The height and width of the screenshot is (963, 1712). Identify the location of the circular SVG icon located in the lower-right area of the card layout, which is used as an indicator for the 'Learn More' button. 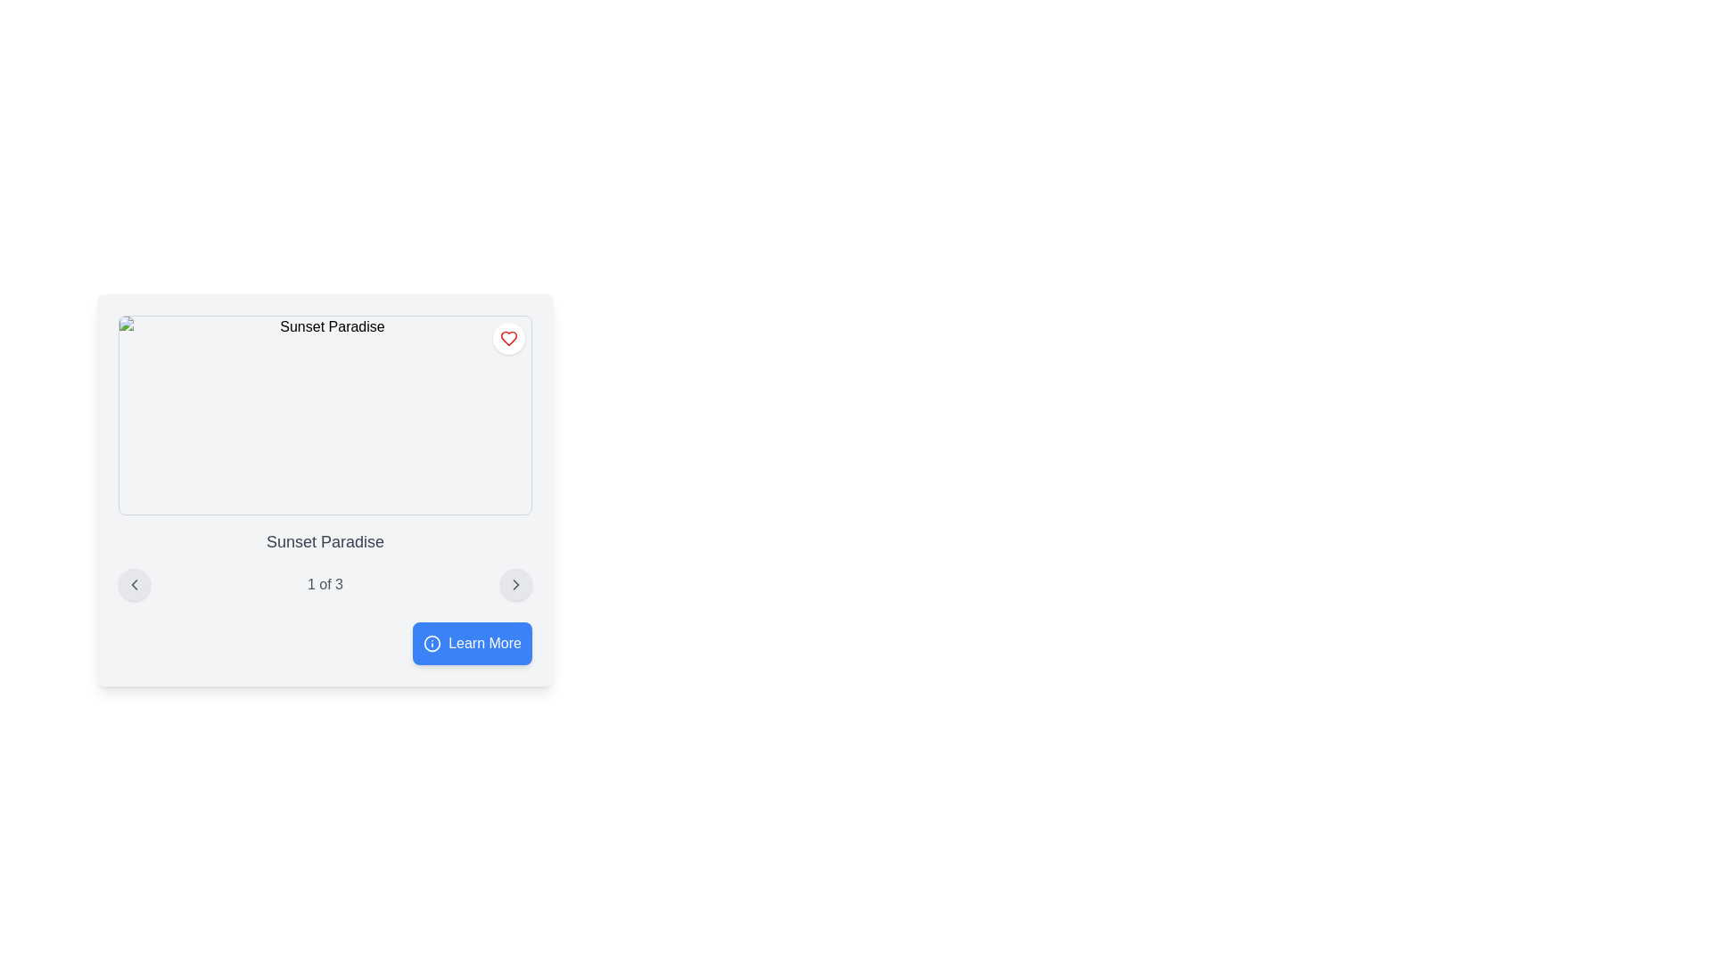
(432, 643).